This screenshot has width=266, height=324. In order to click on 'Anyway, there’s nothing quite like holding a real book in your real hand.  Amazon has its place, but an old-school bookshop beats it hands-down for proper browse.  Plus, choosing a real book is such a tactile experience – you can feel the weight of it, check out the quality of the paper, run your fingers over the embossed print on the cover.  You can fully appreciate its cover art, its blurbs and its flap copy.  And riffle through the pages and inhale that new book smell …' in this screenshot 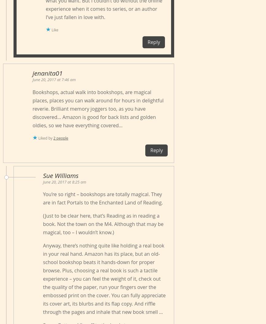, I will do `click(104, 278)`.